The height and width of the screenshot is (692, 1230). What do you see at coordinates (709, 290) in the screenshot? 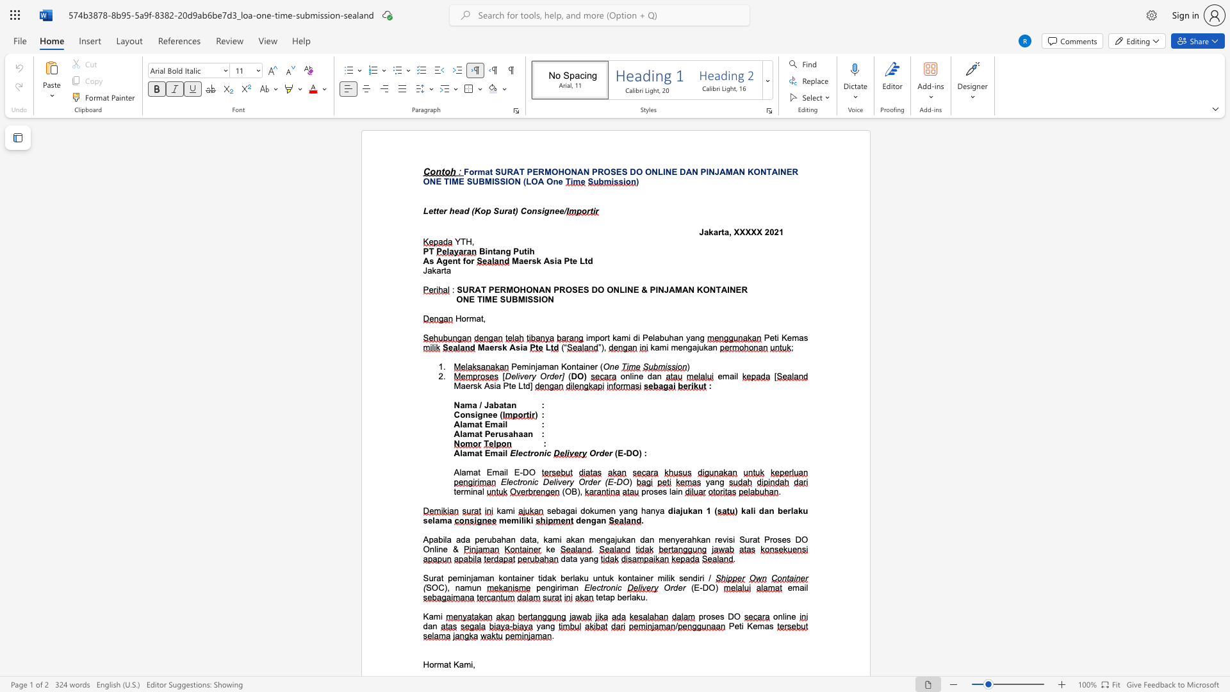
I see `the subset text "NTAI" within the text "SURAT PERMOHONAN PROSES DO ONLINE & PINJAMAN KONTAINER"` at bounding box center [709, 290].